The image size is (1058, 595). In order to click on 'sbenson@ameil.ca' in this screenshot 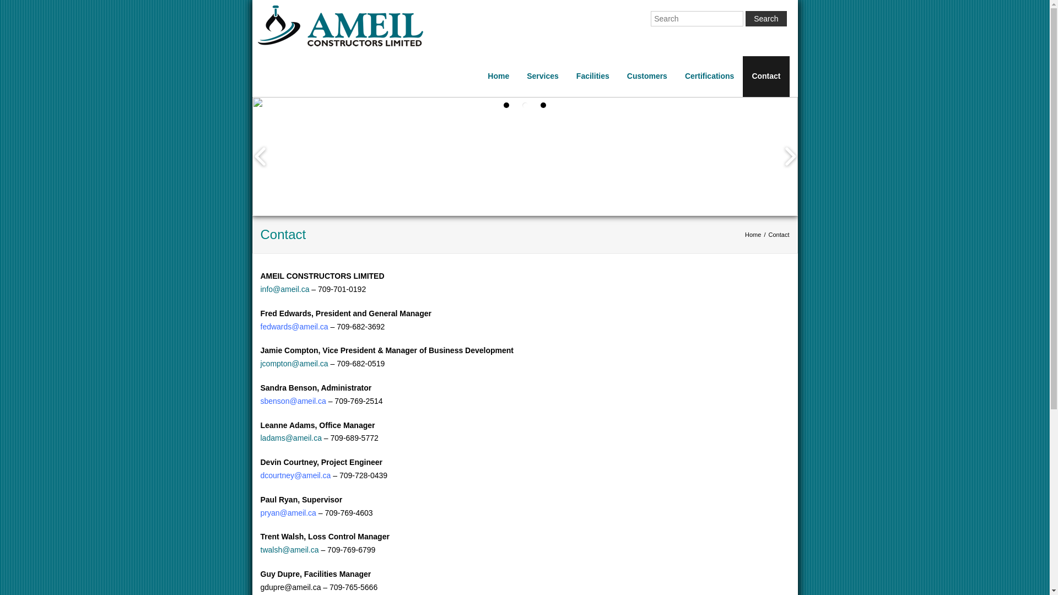, I will do `click(293, 401)`.